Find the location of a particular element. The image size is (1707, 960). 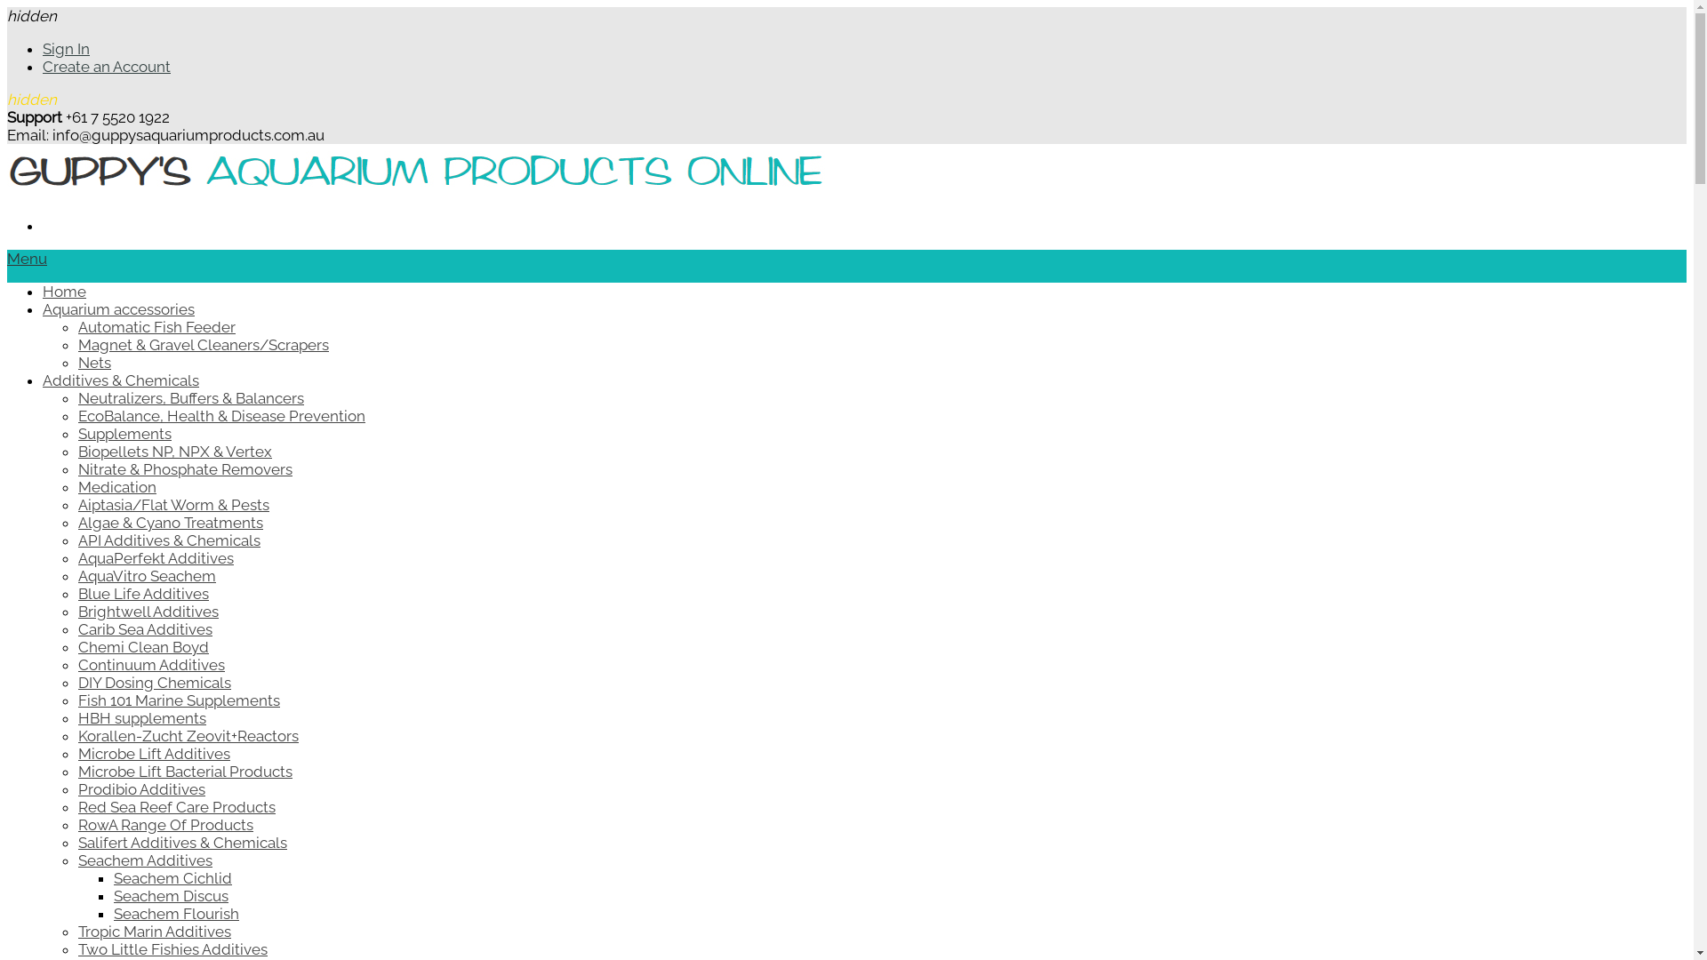

'Additives & Chemicals' is located at coordinates (119, 380).